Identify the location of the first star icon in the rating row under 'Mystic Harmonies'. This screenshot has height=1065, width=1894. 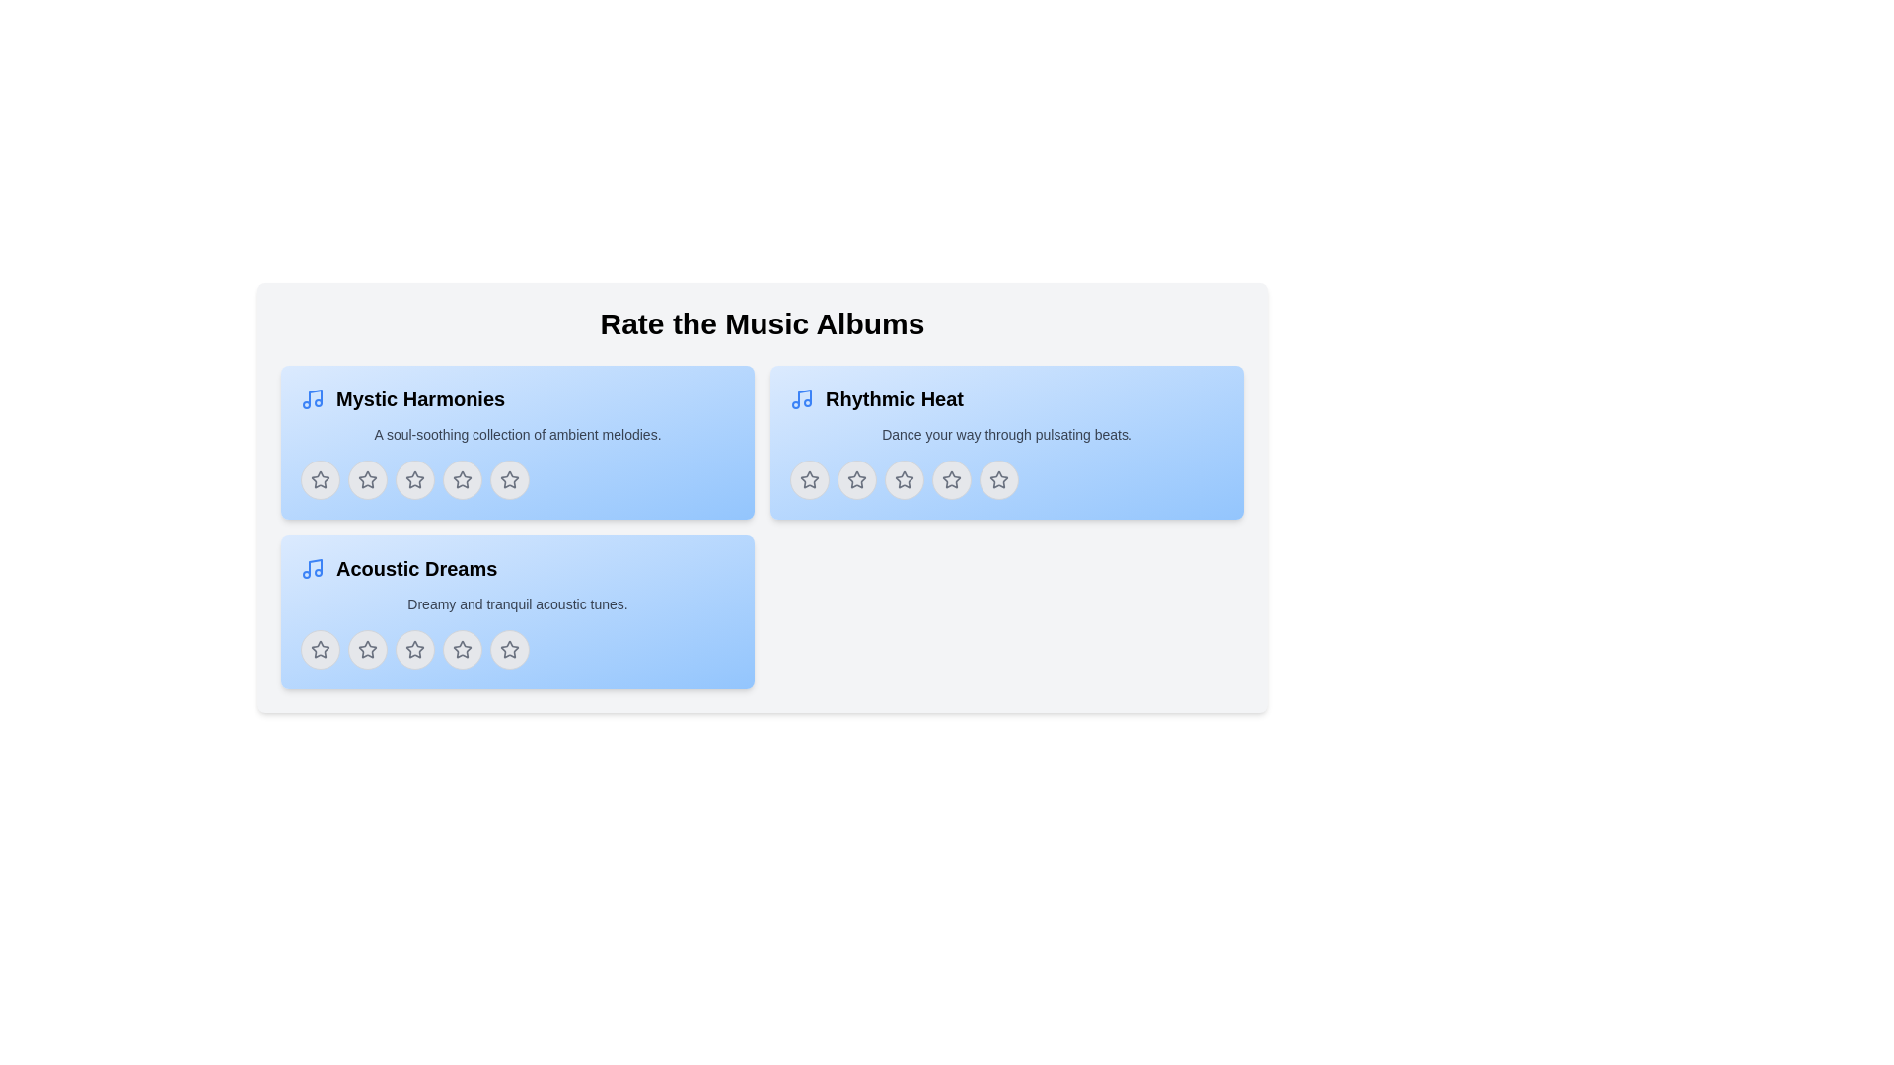
(321, 479).